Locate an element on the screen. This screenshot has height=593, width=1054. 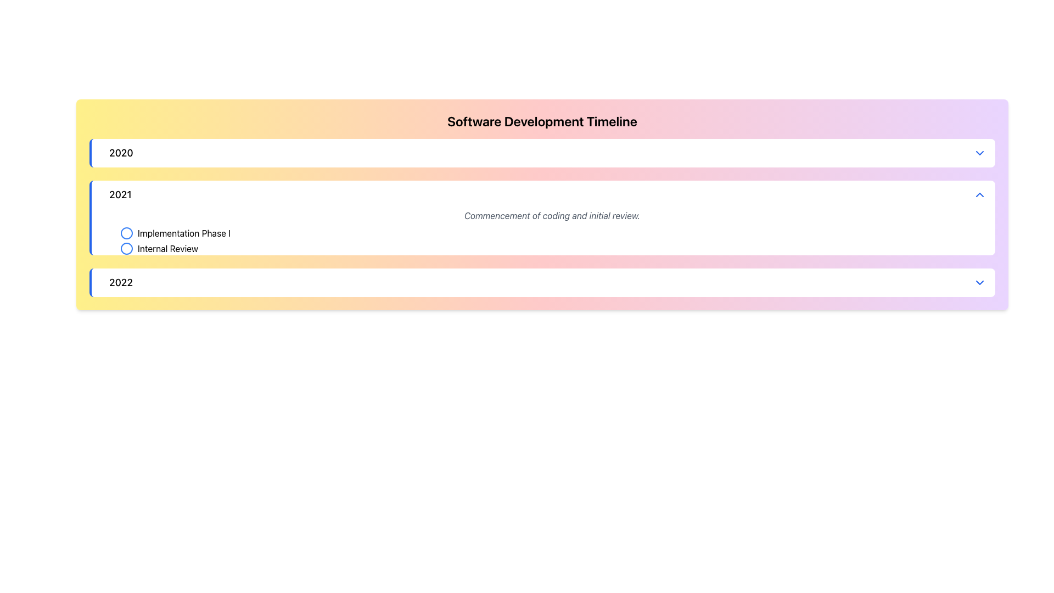
the blue-outlined circular icon next to the 'Internal Review' text under the '2021' heading in the timeline component is located at coordinates (126, 248).